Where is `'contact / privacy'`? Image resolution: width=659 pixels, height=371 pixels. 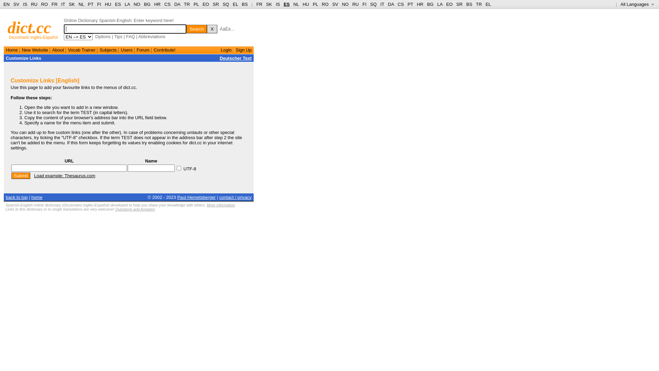 'contact / privacy' is located at coordinates (235, 197).